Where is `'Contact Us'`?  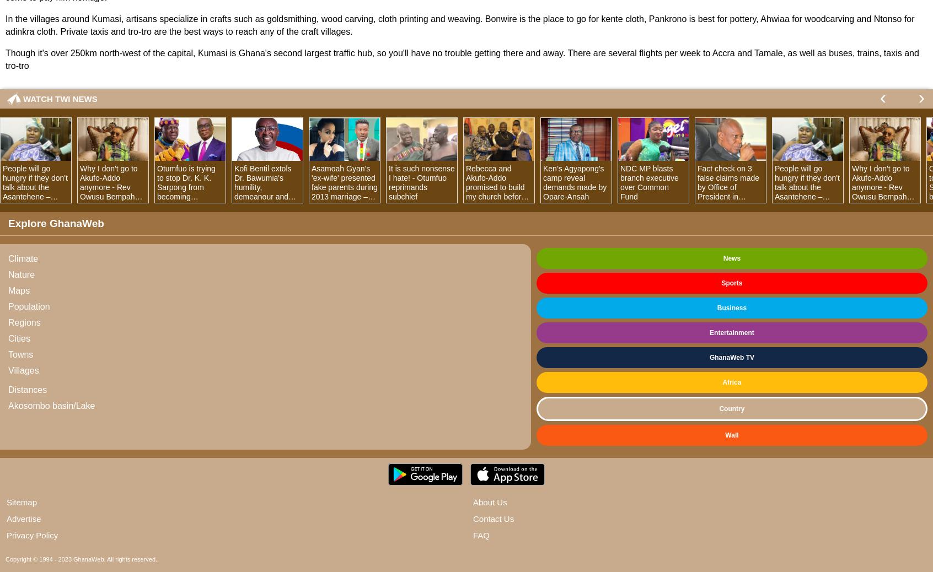
'Contact Us' is located at coordinates (493, 519).